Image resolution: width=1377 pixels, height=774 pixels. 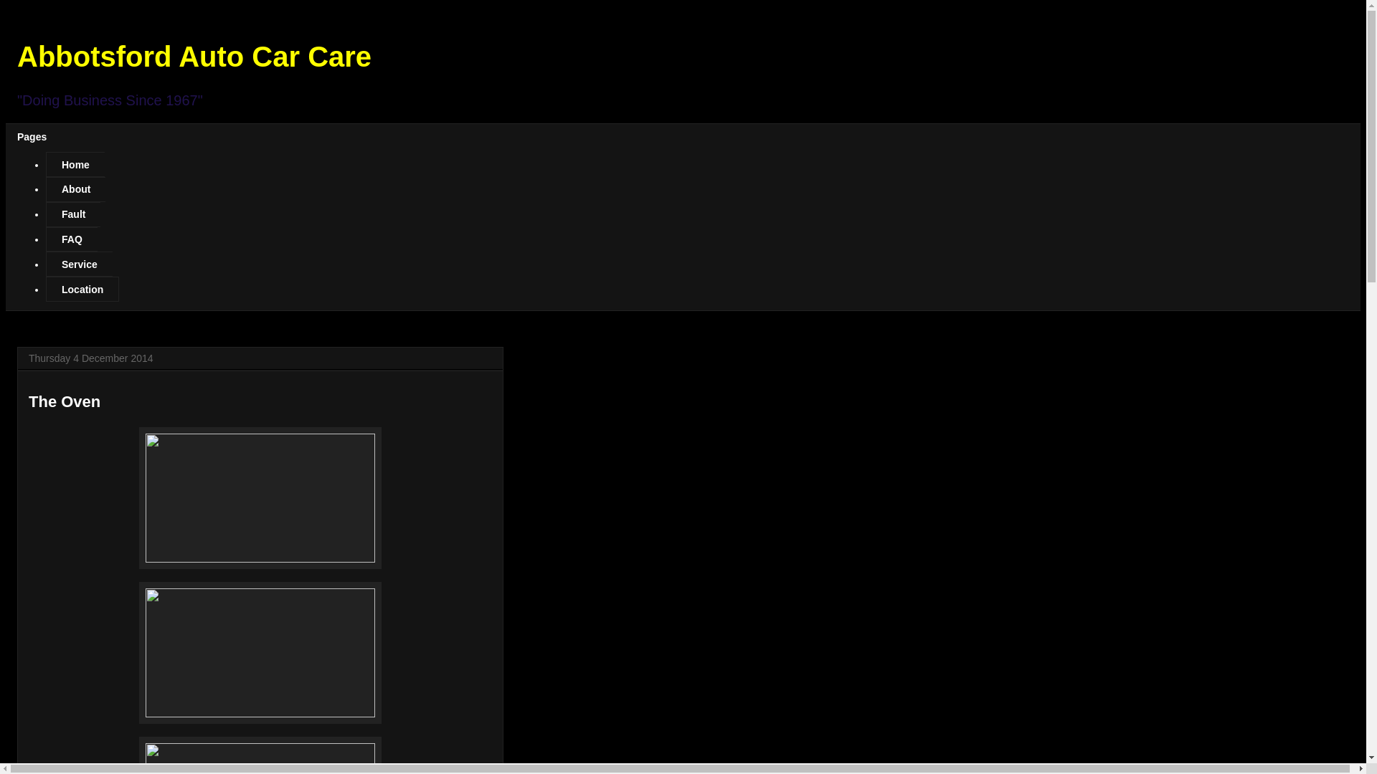 I want to click on 'Location', so click(x=82, y=289).